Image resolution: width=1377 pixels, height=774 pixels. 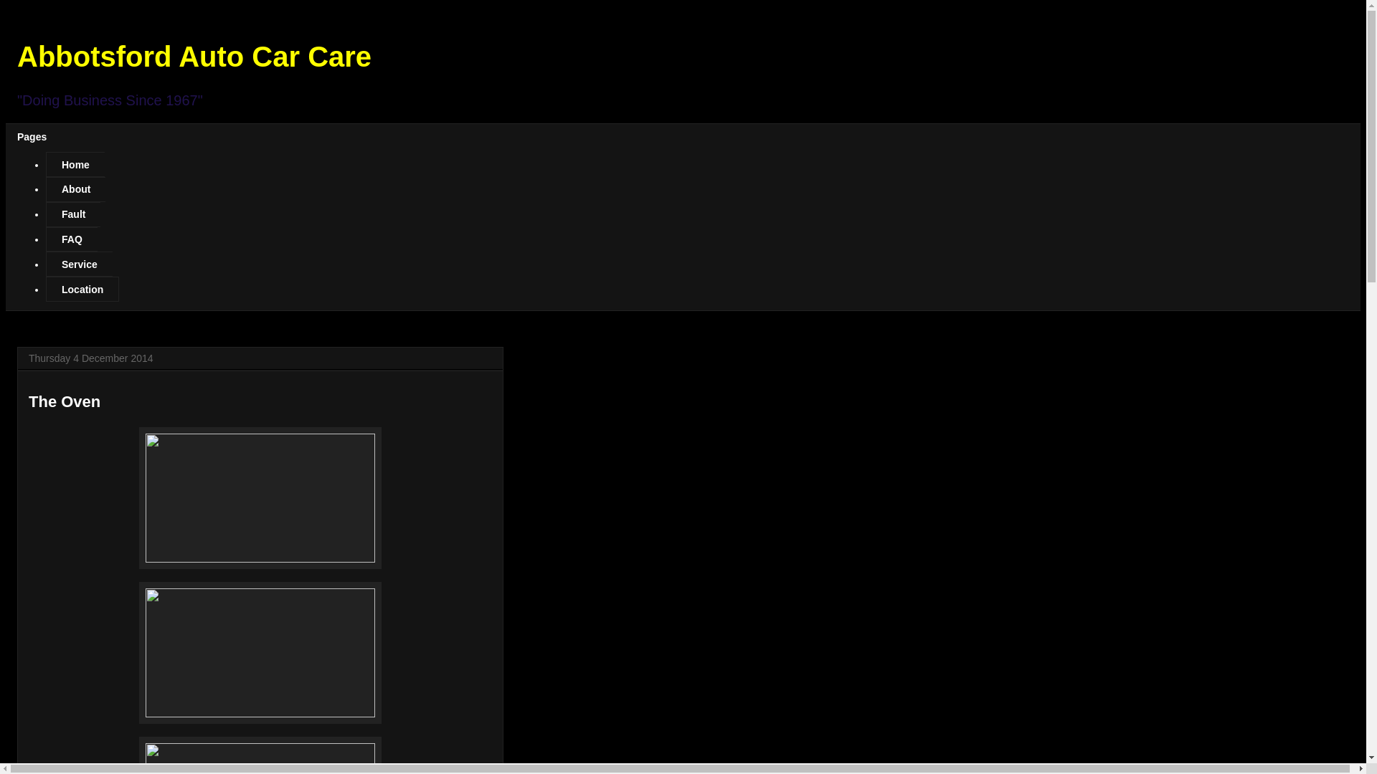 I want to click on 'Location', so click(x=82, y=289).